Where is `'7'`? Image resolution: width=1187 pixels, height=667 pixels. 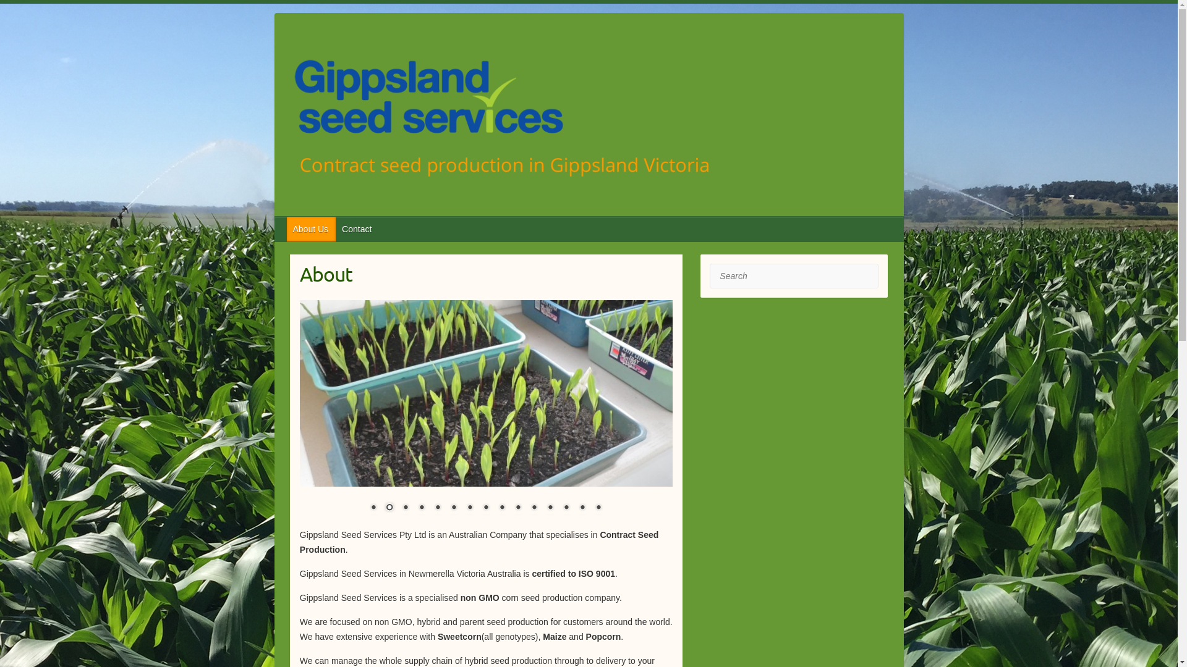 '7' is located at coordinates (469, 508).